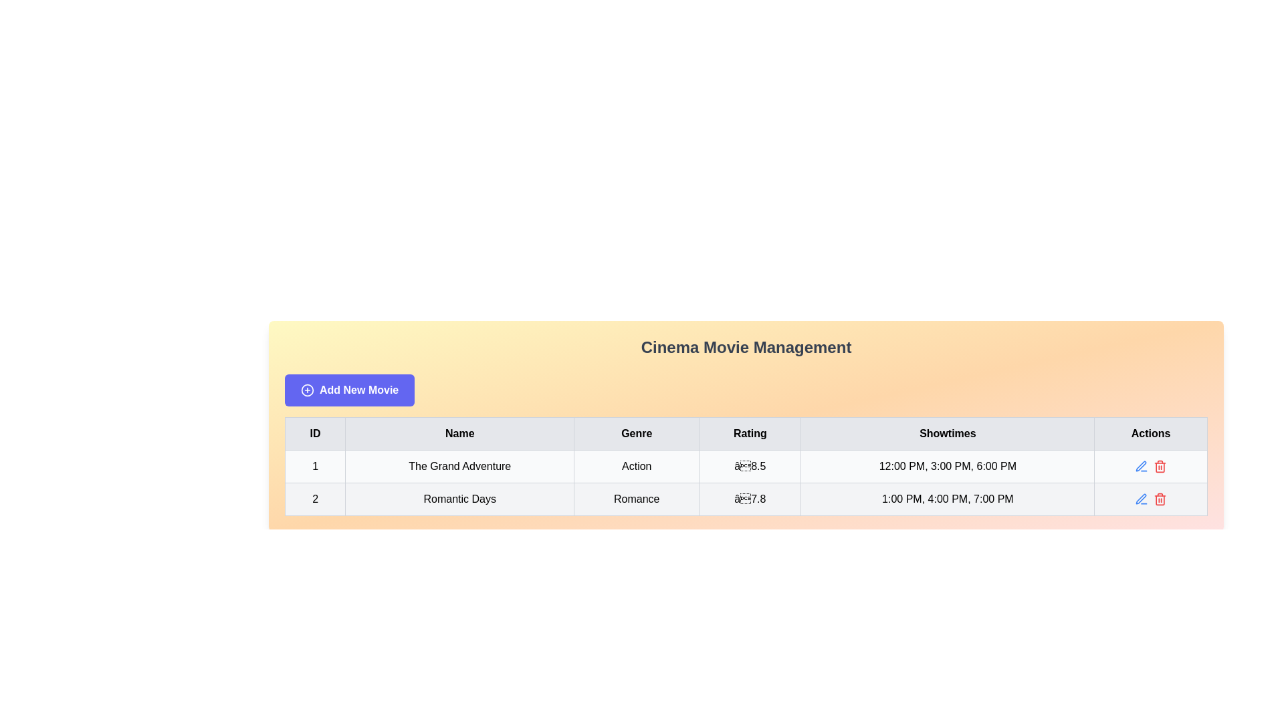 Image resolution: width=1284 pixels, height=722 pixels. I want to click on the text label indicating the genre of the movie, located in the 'Genre' column next to 'The Grand Adventure' and before the '8.5' rating cell, so click(636, 466).